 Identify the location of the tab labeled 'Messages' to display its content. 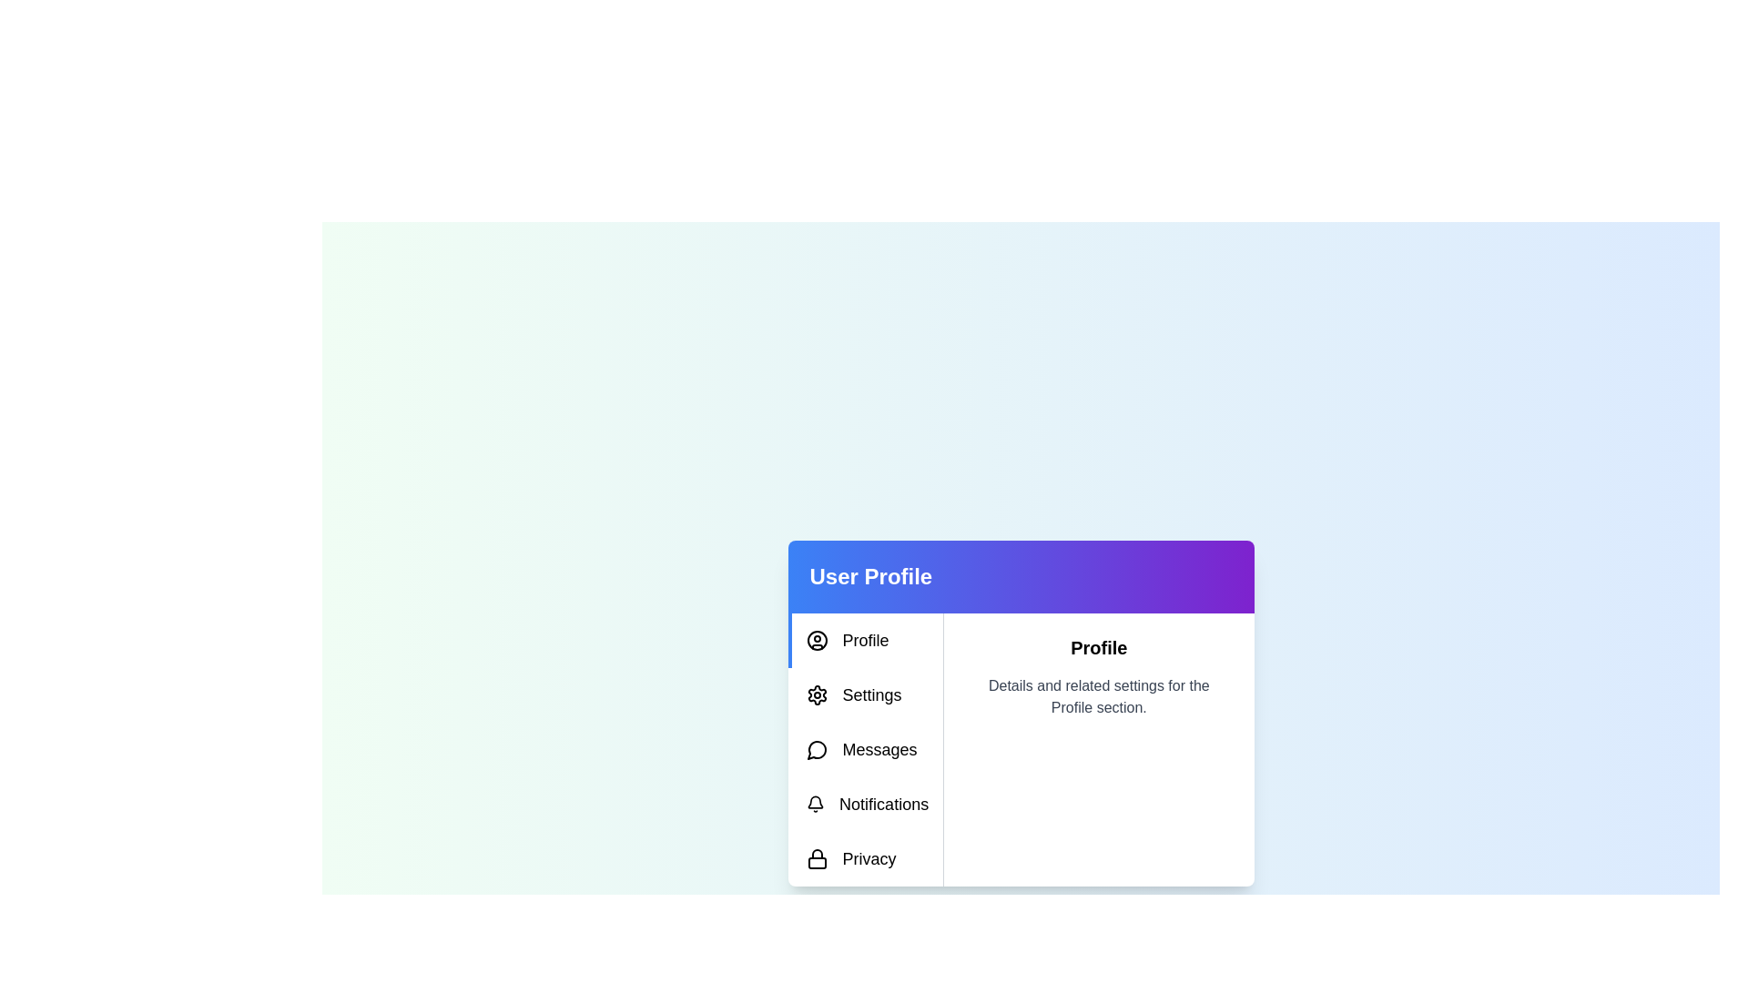
(864, 750).